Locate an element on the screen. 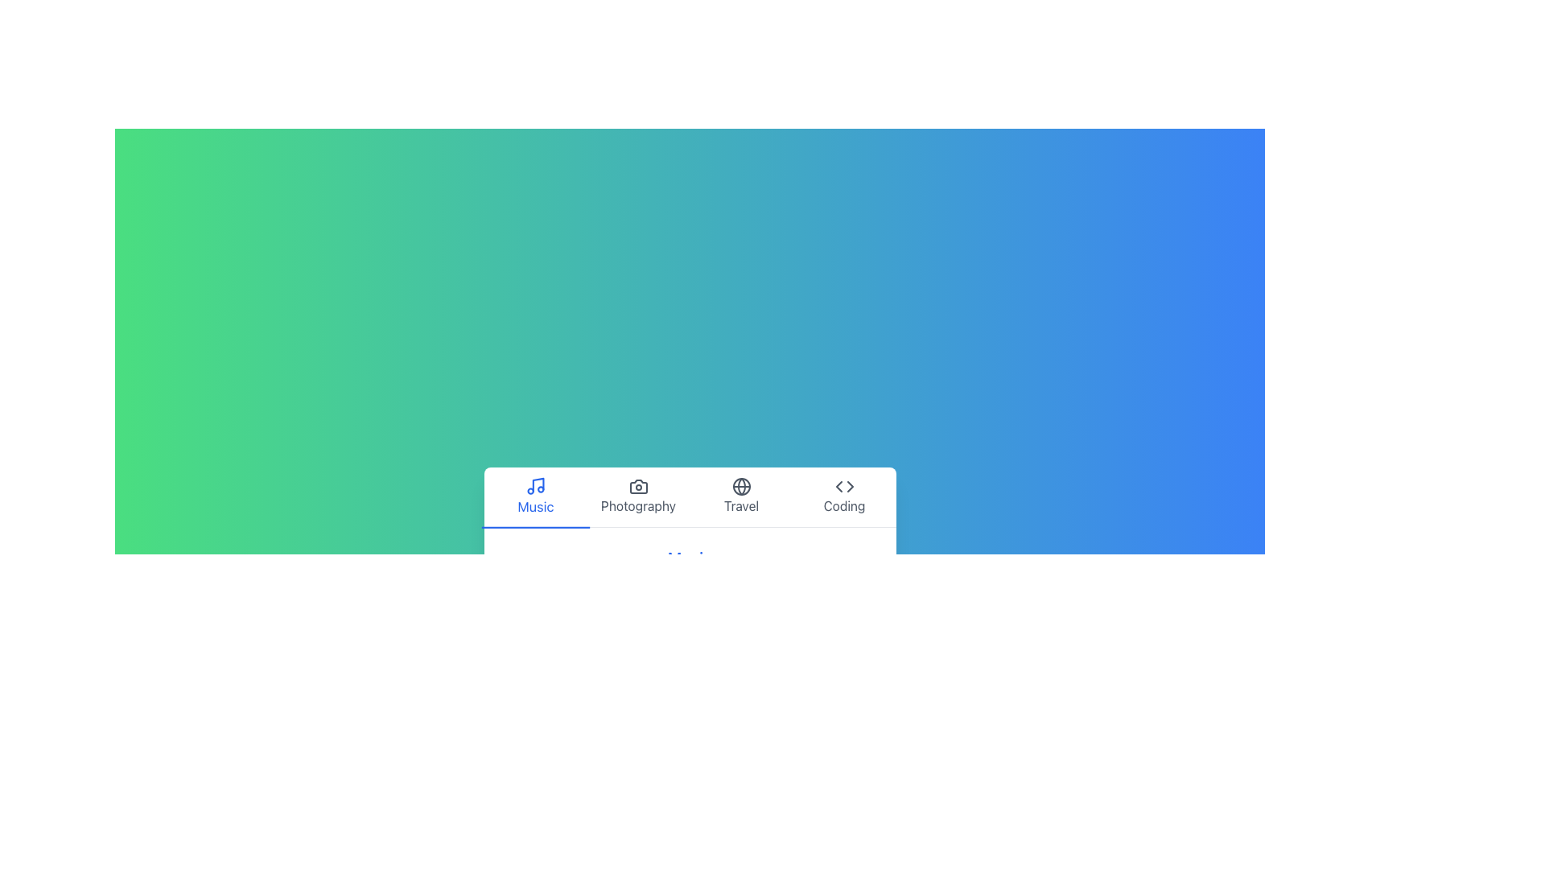 The image size is (1545, 869). the left vertical bar of the music note icon located in the lower part of the interface within the 'Music' tab is located at coordinates (538, 484).